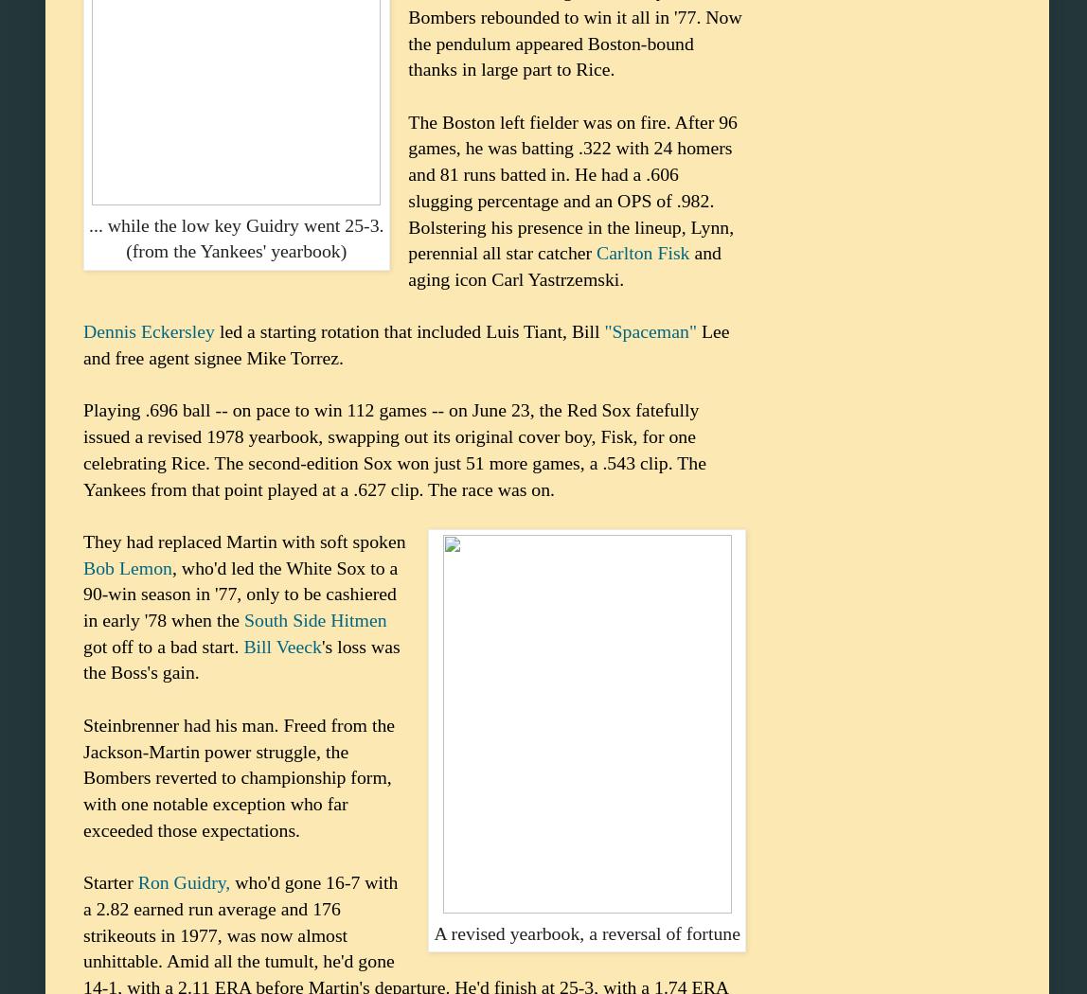 The image size is (1087, 994). What do you see at coordinates (136, 881) in the screenshot?
I see `'Ron Guidry,'` at bounding box center [136, 881].